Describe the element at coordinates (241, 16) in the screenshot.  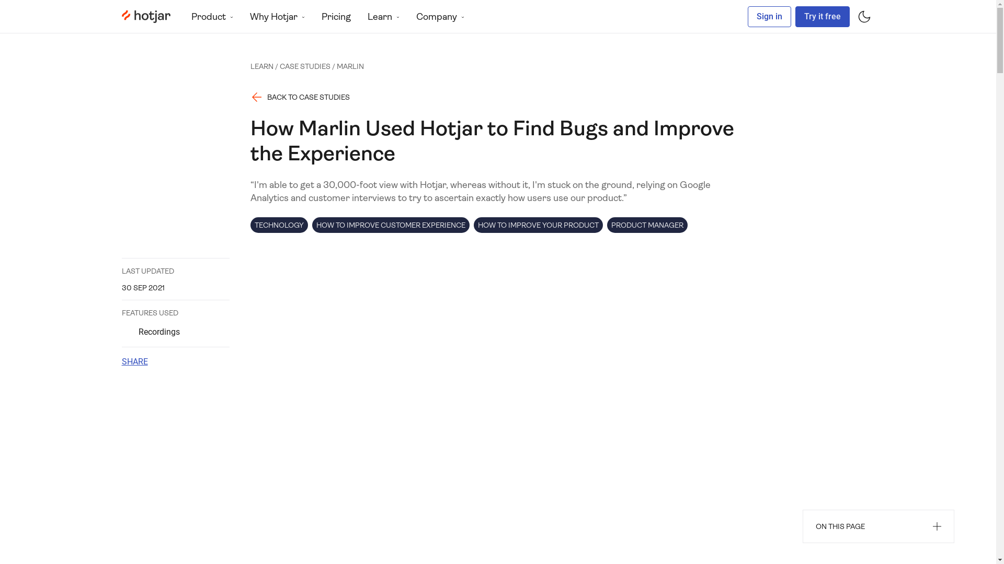
I see `'Why Hotjar'` at that location.